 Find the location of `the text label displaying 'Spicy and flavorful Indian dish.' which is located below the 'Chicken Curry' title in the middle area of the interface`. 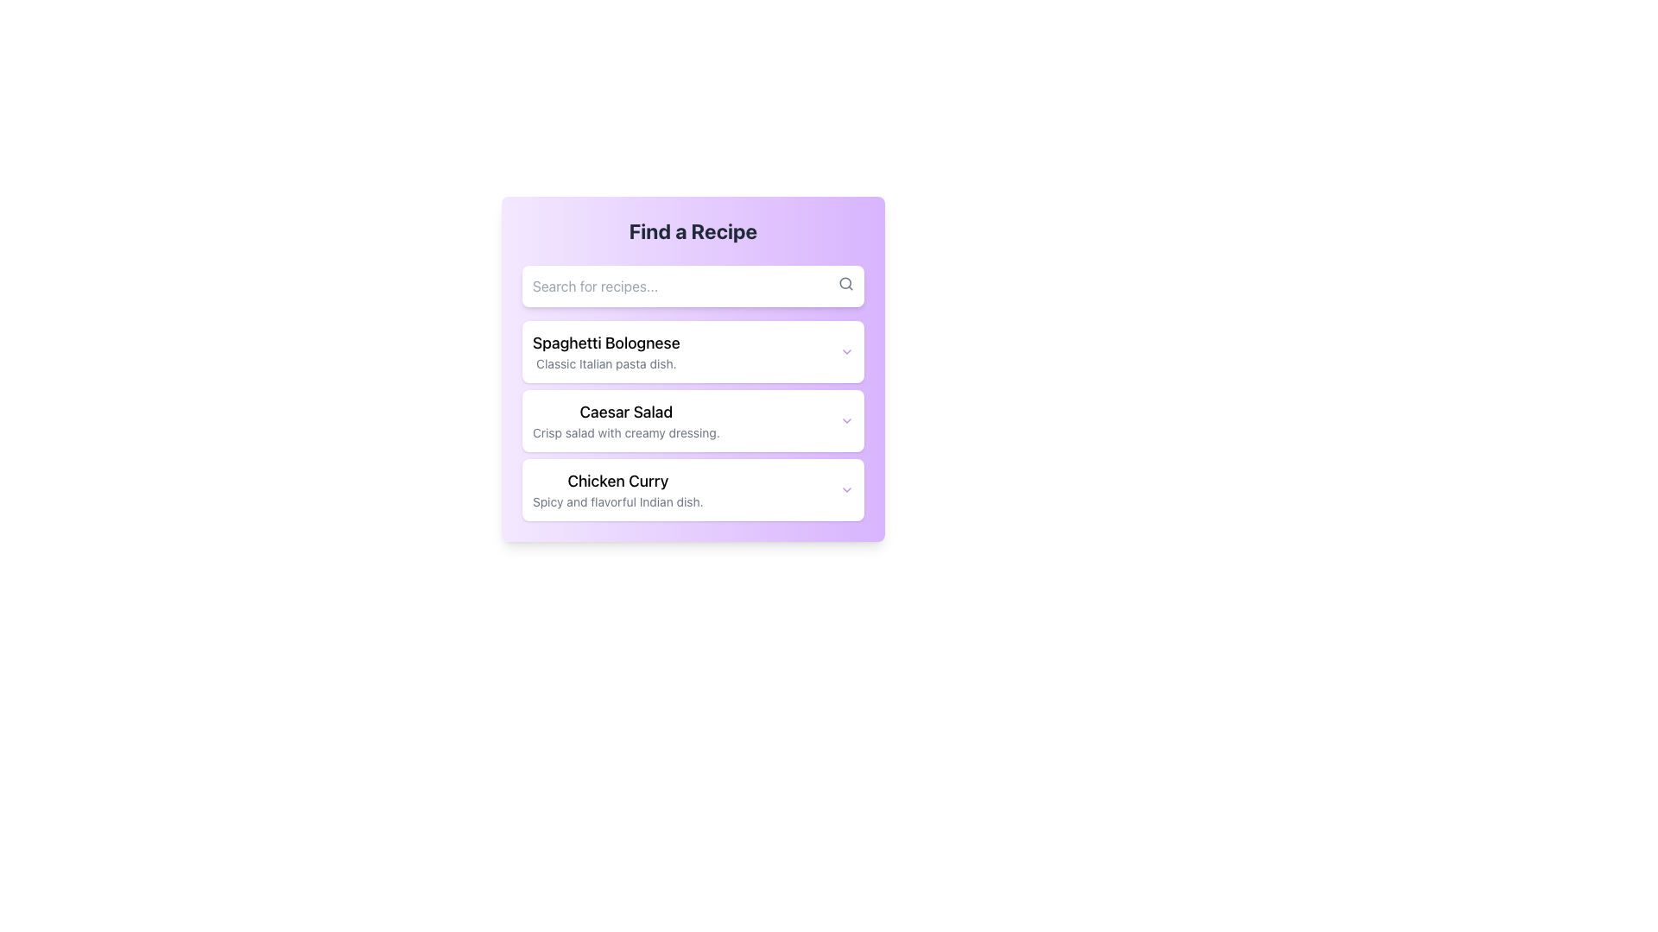

the text label displaying 'Spicy and flavorful Indian dish.' which is located below the 'Chicken Curry' title in the middle area of the interface is located at coordinates (617, 502).